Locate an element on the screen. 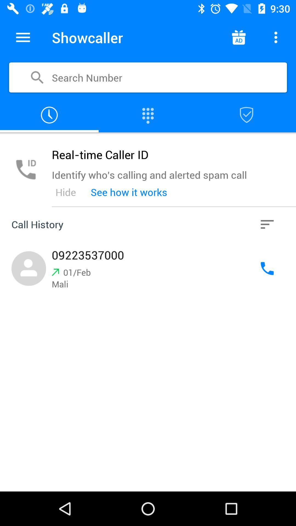 The height and width of the screenshot is (526, 296). item next to showcaller is located at coordinates (23, 37).